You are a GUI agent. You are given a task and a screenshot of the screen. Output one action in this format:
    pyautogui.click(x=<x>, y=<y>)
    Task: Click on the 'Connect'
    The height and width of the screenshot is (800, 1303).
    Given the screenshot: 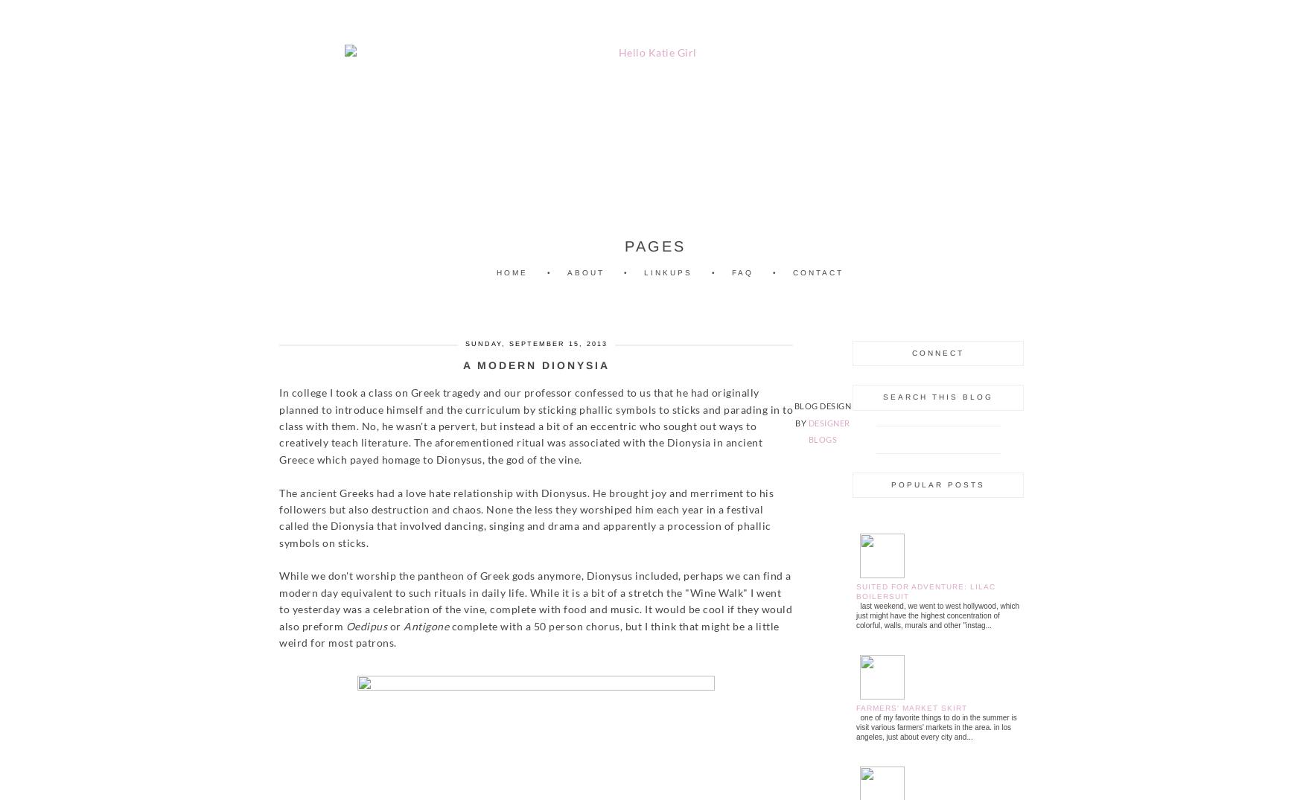 What is the action you would take?
    pyautogui.click(x=937, y=352)
    